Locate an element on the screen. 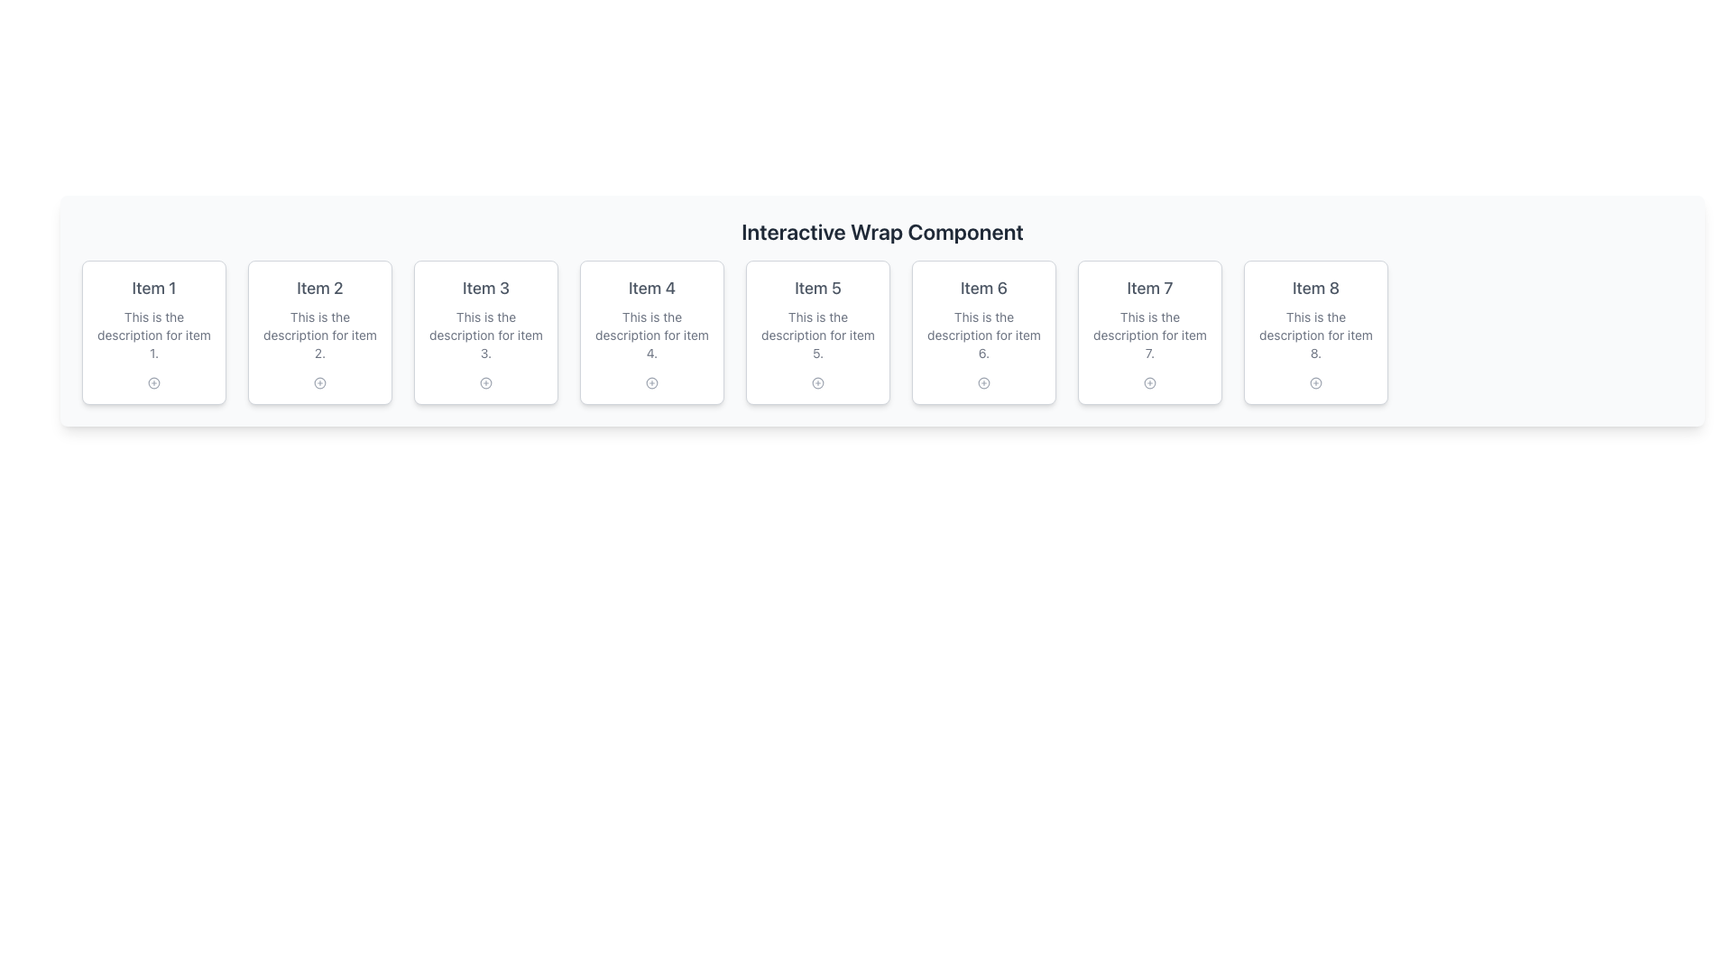 This screenshot has height=974, width=1732. descriptive text element located below the title 'Item 2' on the second card in the grid is located at coordinates (320, 335).